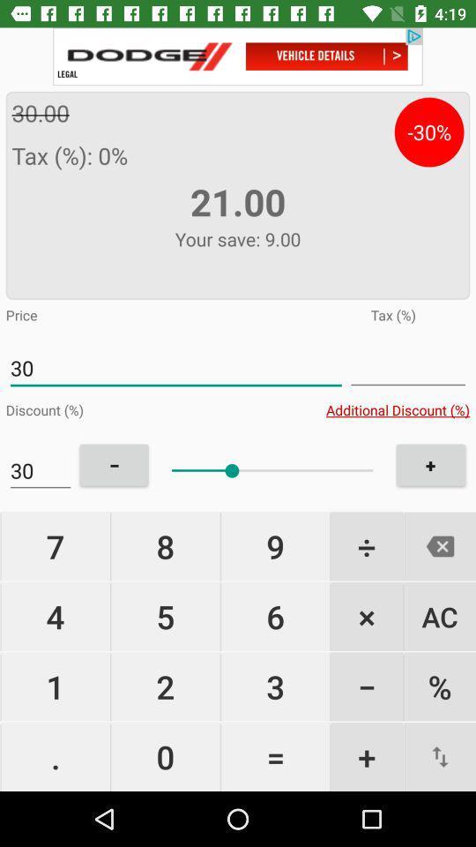  Describe the element at coordinates (238, 56) in the screenshot. I see `open advertisement` at that location.